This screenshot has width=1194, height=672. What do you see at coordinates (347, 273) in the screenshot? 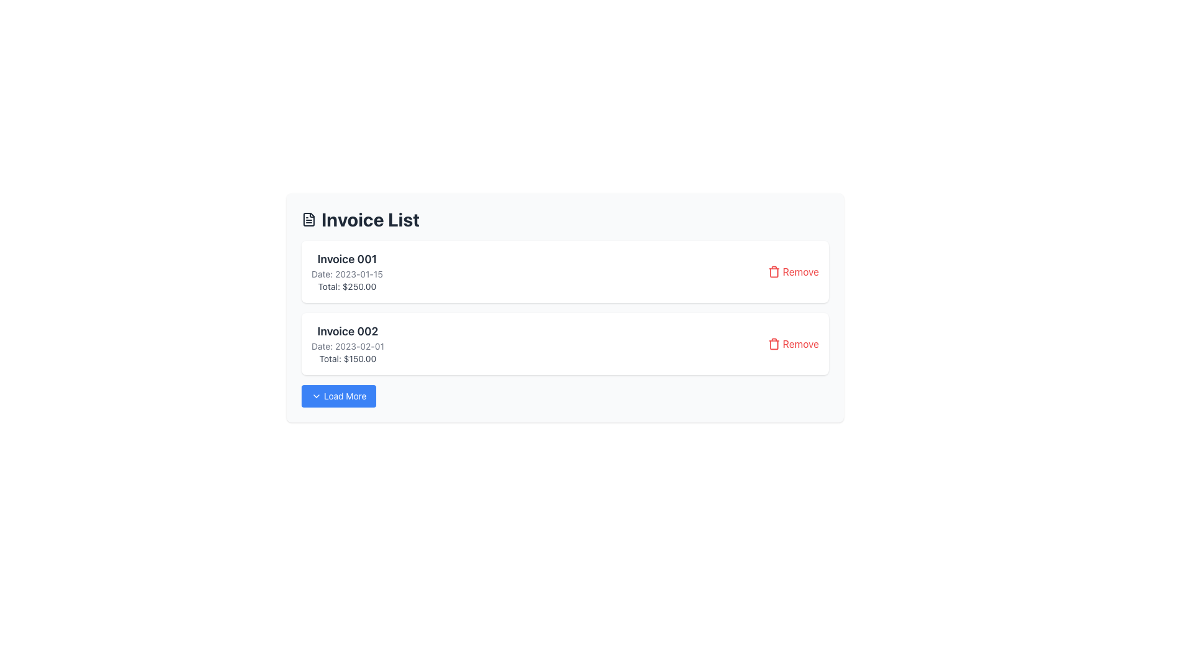
I see `date information displayed in the text label that shows 'Date: 2023-01-15', positioned below the 'Invoice 001' header and above the 'Total: $250.00' label` at bounding box center [347, 273].